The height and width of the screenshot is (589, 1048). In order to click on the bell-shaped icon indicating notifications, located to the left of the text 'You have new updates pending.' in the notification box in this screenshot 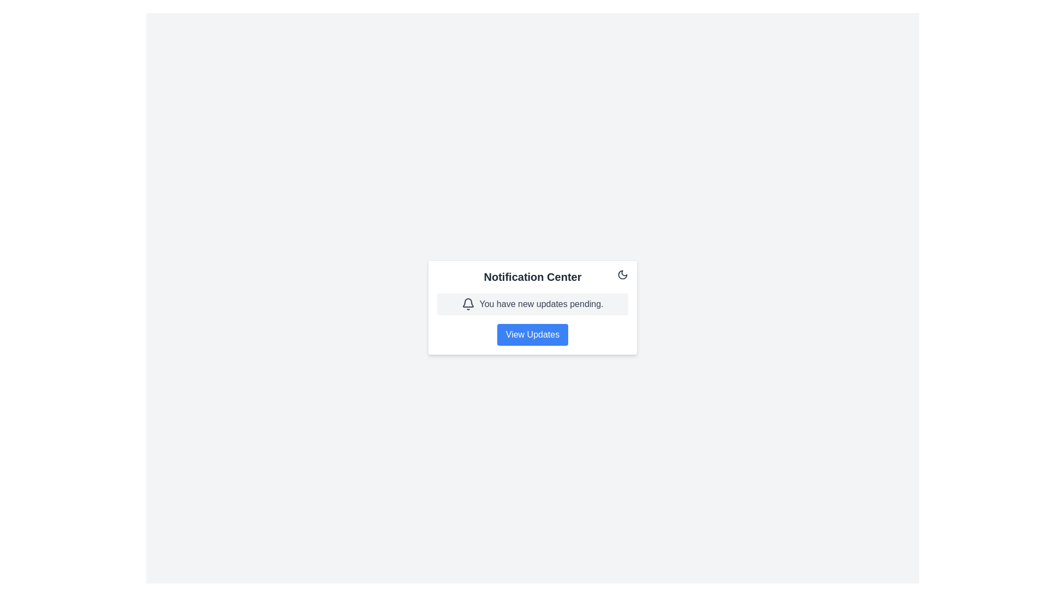, I will do `click(468, 304)`.